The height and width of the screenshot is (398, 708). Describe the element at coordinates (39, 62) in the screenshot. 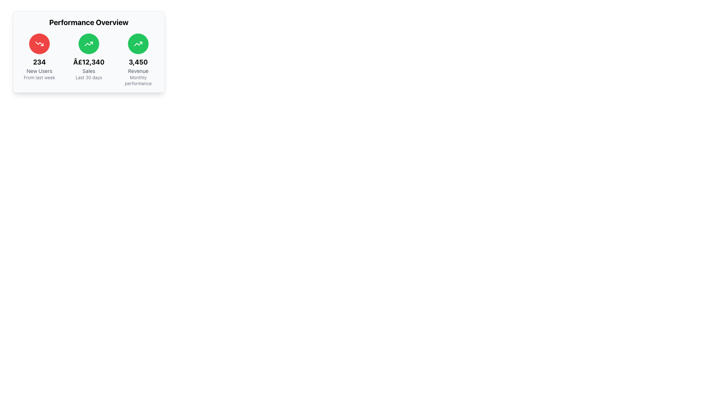

I see `the Text Display element that shows the numerical data '234' for new users, located below a circular icon with a downward trend arrow and a red background` at that location.